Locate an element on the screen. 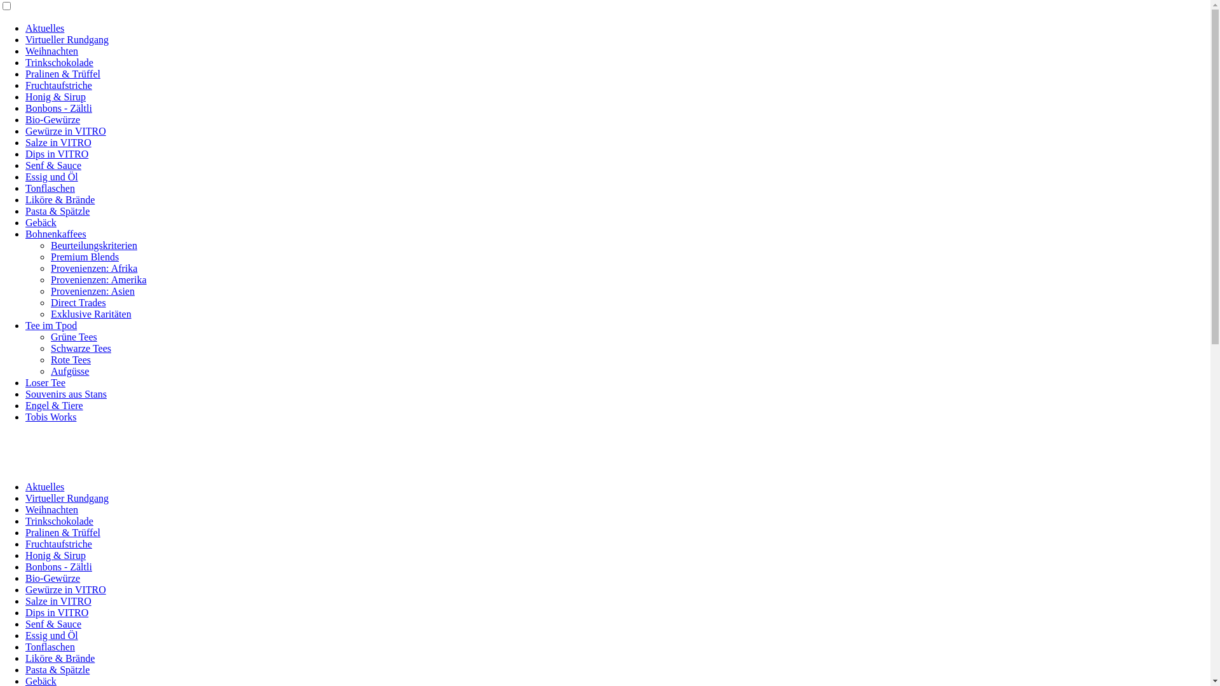 The height and width of the screenshot is (686, 1220). 'Senf & Sauce' is located at coordinates (52, 623).